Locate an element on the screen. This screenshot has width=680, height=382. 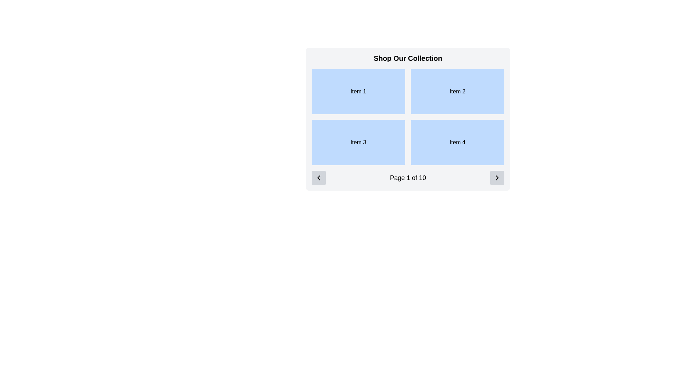
the rightmost button in the pagination section that reads 'Page 1 of 10' is located at coordinates (497, 177).